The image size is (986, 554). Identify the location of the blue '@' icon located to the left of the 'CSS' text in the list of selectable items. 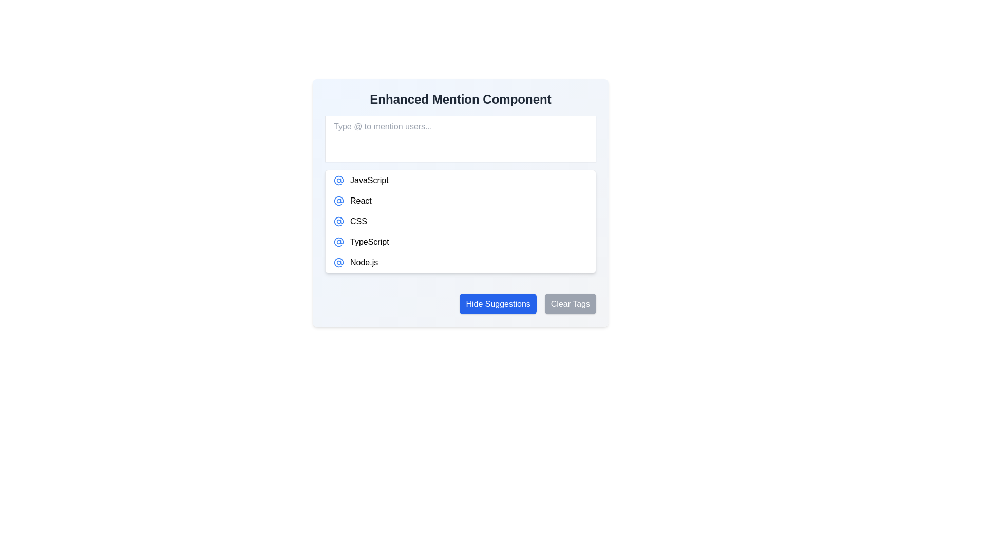
(339, 221).